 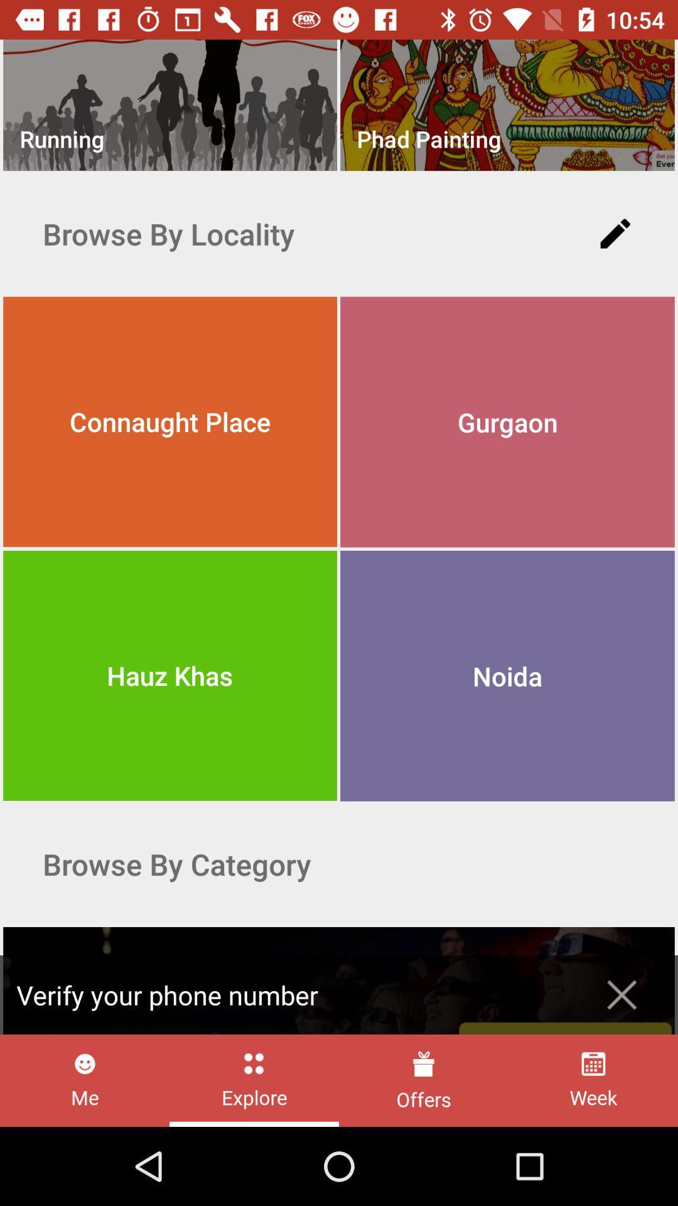 I want to click on icon to the right of me item, so click(x=254, y=1080).